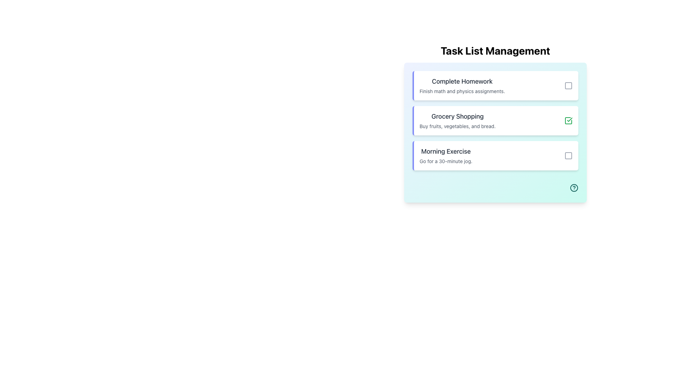  What do you see at coordinates (446, 155) in the screenshot?
I see `title 'Morning Exercise' and the task description 'Go for a 30-minute jog.' from the text label located in the third card of the task list under 'Task List Management.'` at bounding box center [446, 155].